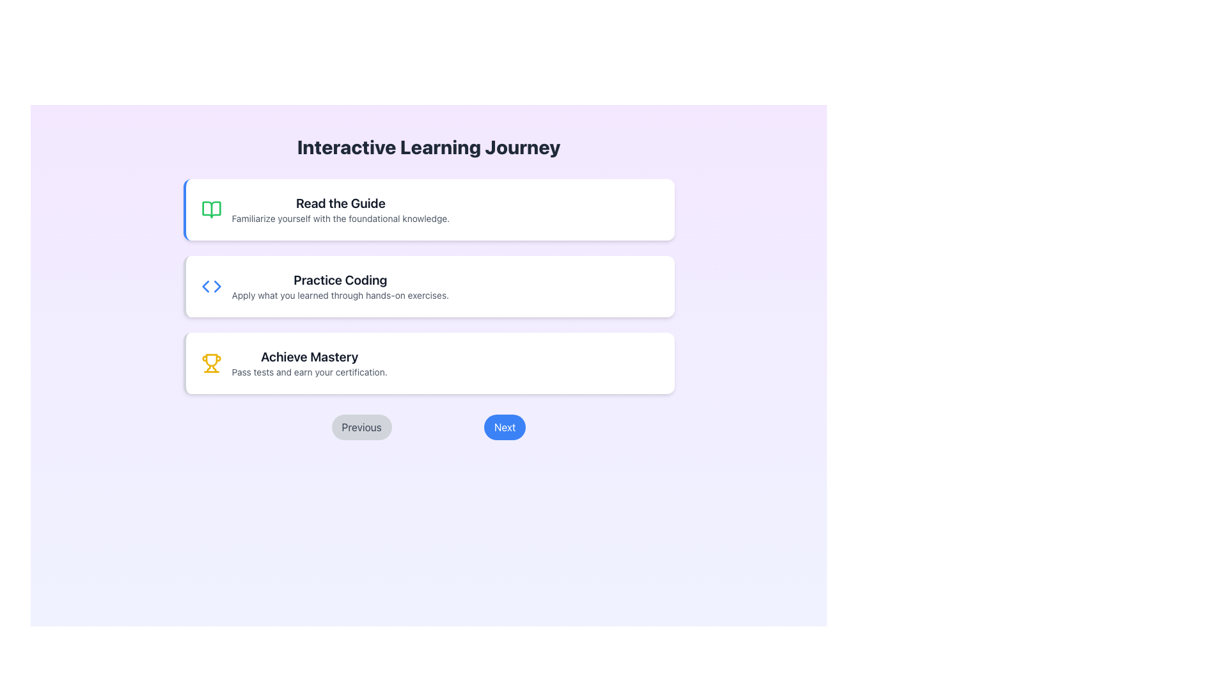 The image size is (1228, 691). Describe the element at coordinates (310, 363) in the screenshot. I see `the text element that reads 'Achieve Mastery' and its subheading 'Pass tests and earn your certification' as part of navigation` at that location.